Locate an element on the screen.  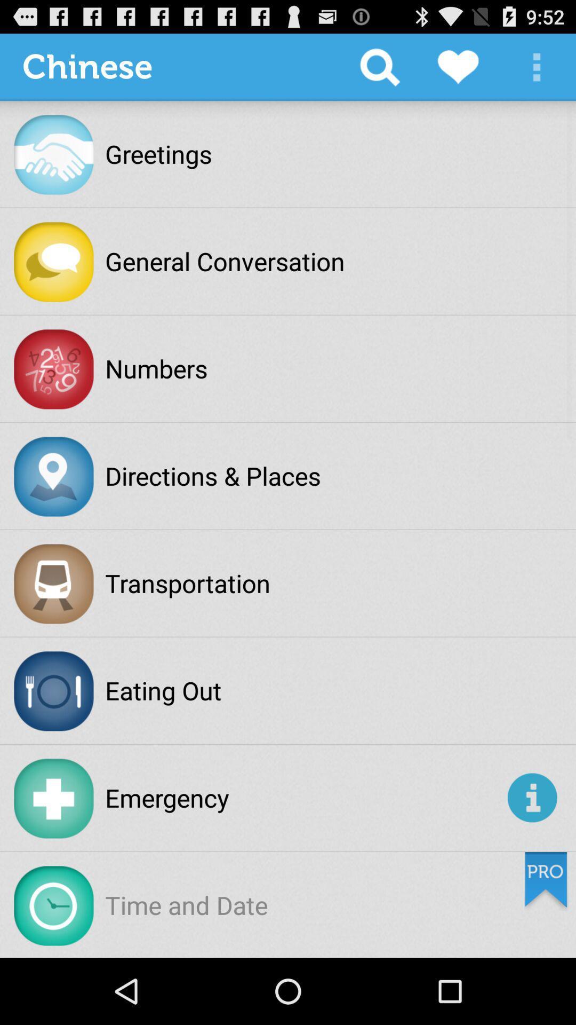
the transportation app is located at coordinates (187, 582).